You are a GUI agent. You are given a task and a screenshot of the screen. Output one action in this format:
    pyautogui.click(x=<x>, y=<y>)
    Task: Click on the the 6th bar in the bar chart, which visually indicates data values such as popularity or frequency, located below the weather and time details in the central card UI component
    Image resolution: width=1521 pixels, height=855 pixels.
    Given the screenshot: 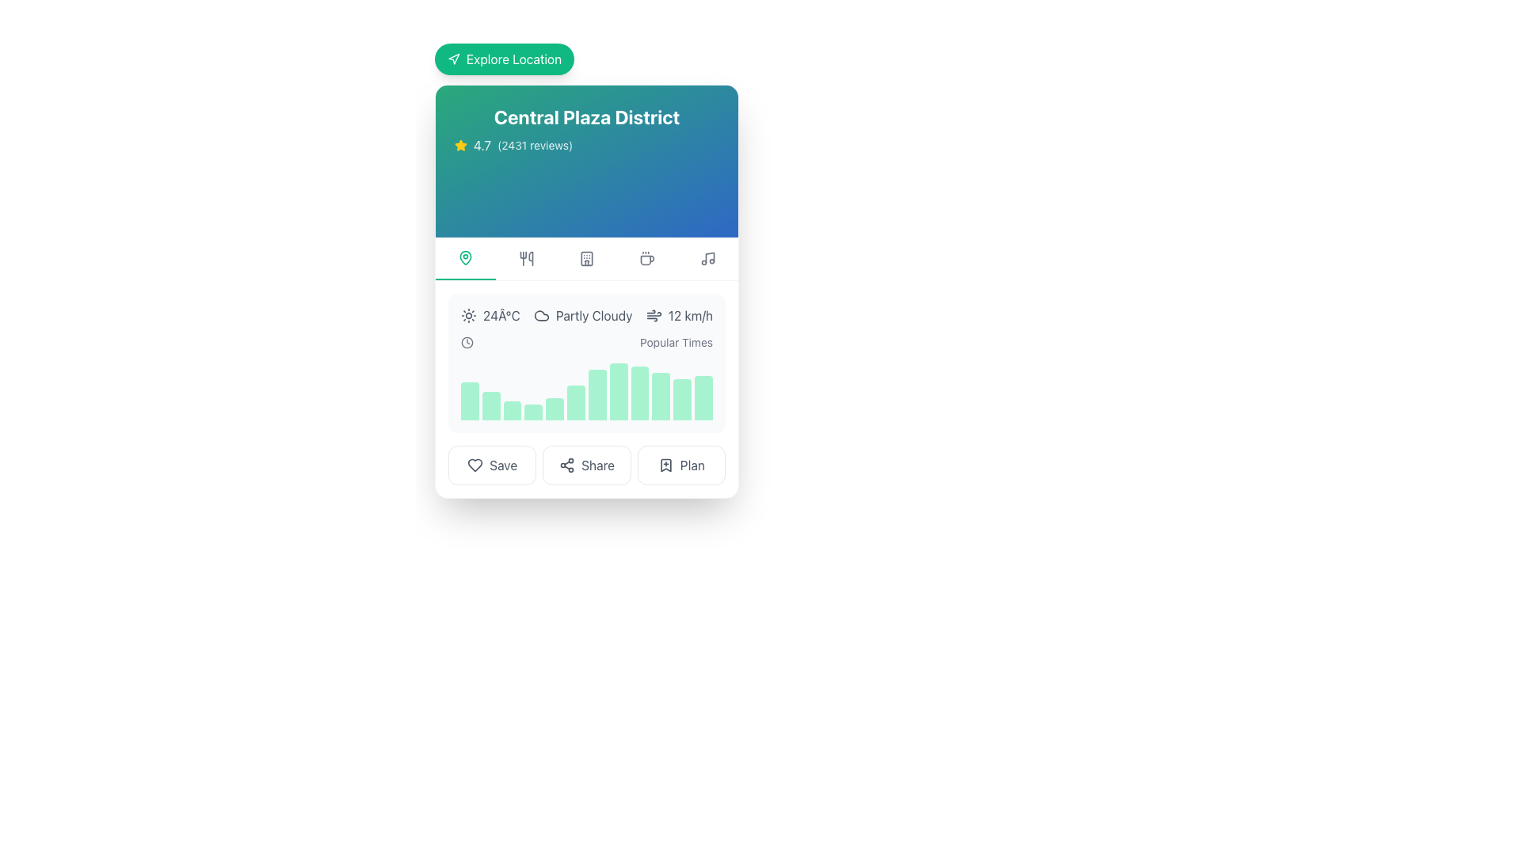 What is the action you would take?
    pyautogui.click(x=575, y=402)
    